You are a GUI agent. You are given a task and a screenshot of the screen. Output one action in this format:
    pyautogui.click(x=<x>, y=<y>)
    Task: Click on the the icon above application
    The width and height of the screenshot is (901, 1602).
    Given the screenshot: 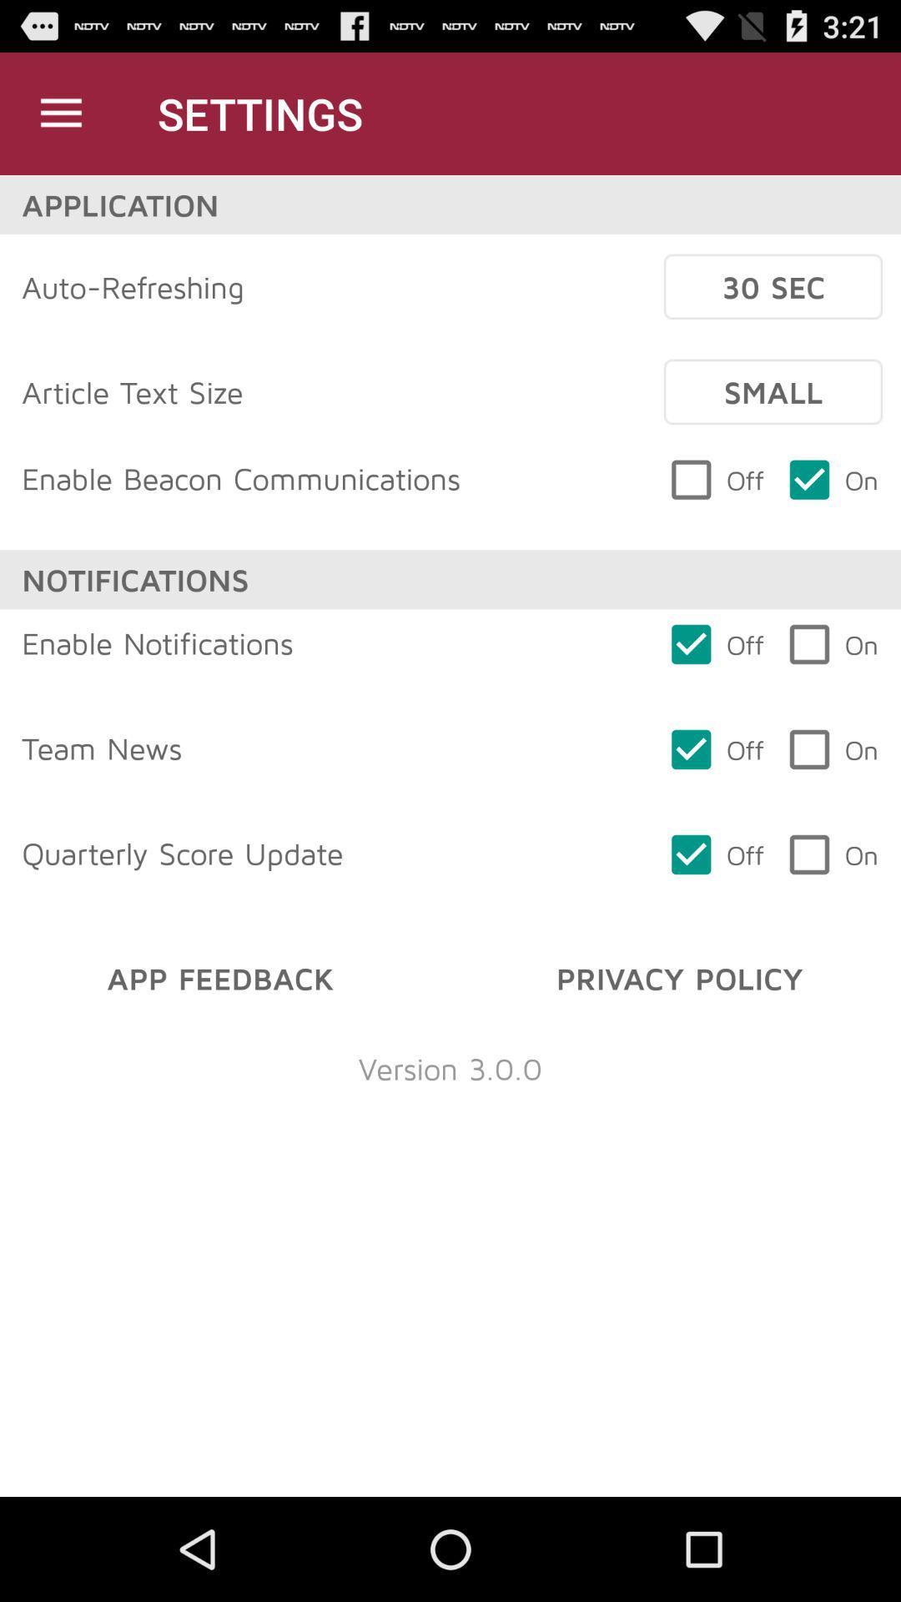 What is the action you would take?
    pyautogui.click(x=60, y=113)
    